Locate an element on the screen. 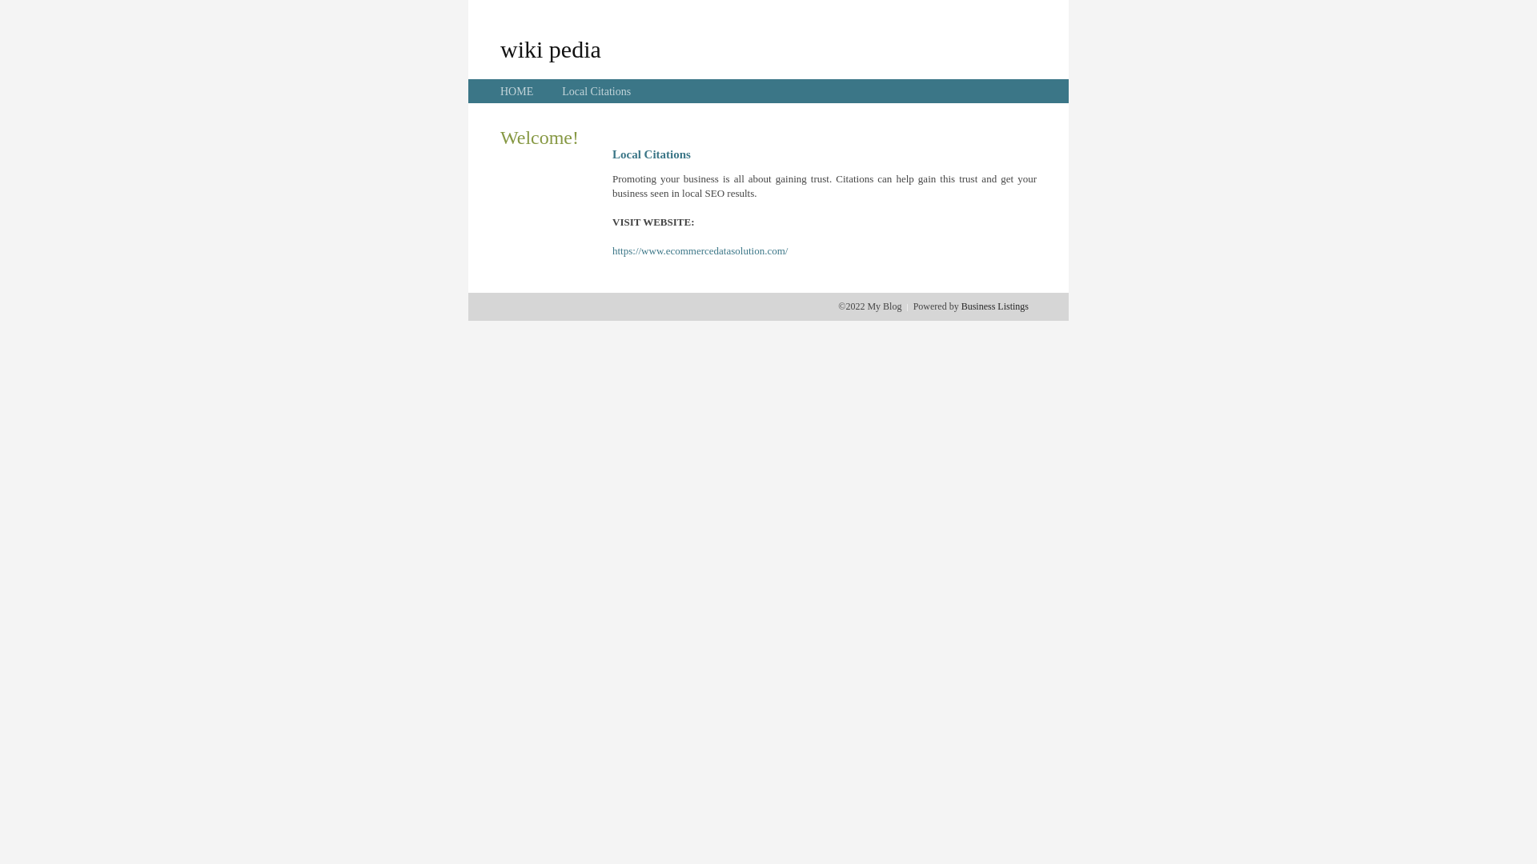 The width and height of the screenshot is (1537, 864). 'Local Citations' is located at coordinates (595, 91).